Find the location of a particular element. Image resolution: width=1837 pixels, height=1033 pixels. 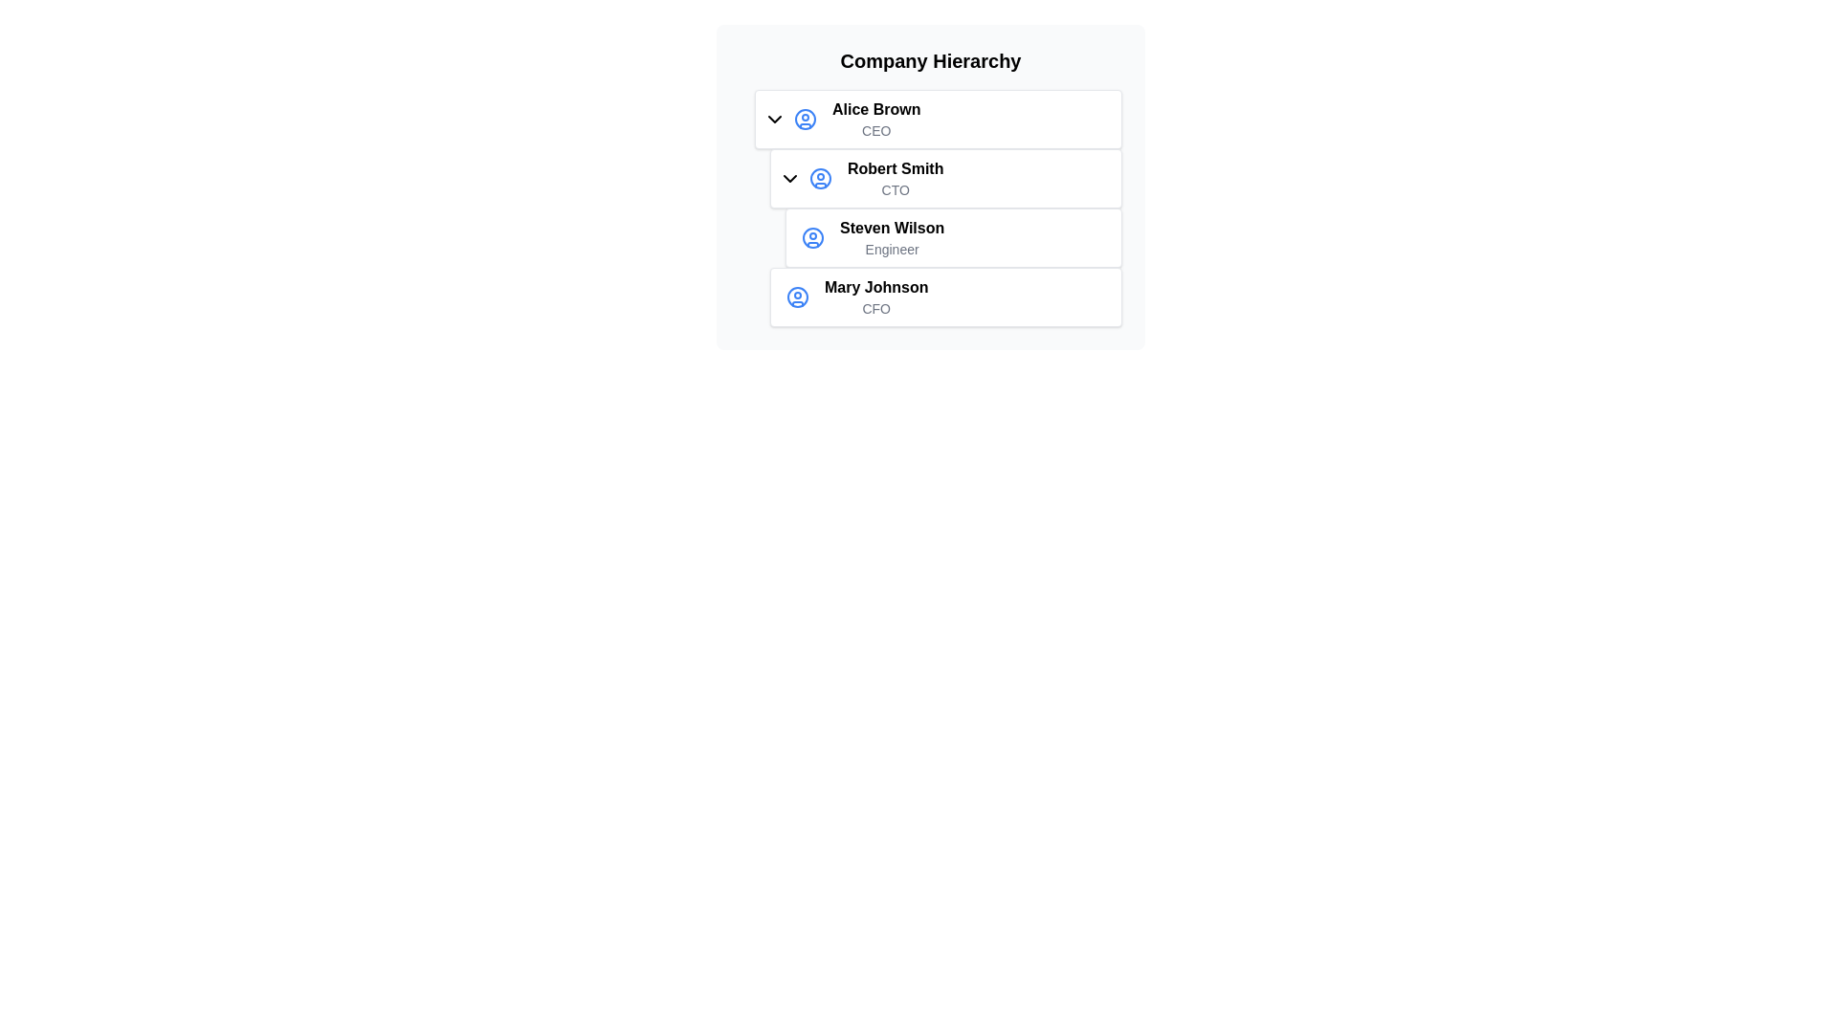

text label displaying 'Mary Johnson', which represents a person in the Company Hierarchy list as the CFO is located at coordinates (875, 287).